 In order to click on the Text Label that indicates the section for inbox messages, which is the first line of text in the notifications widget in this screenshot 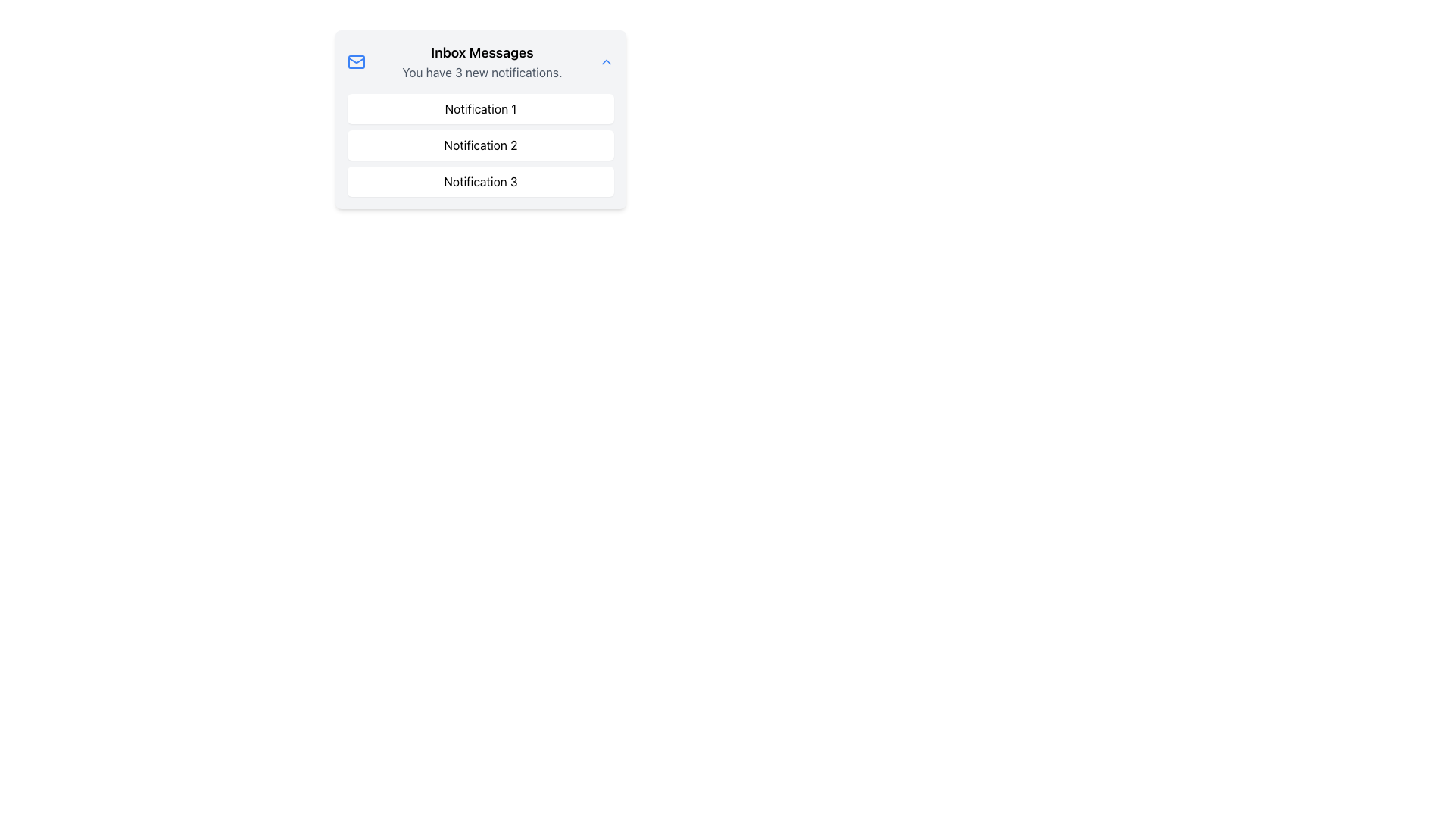, I will do `click(482, 52)`.